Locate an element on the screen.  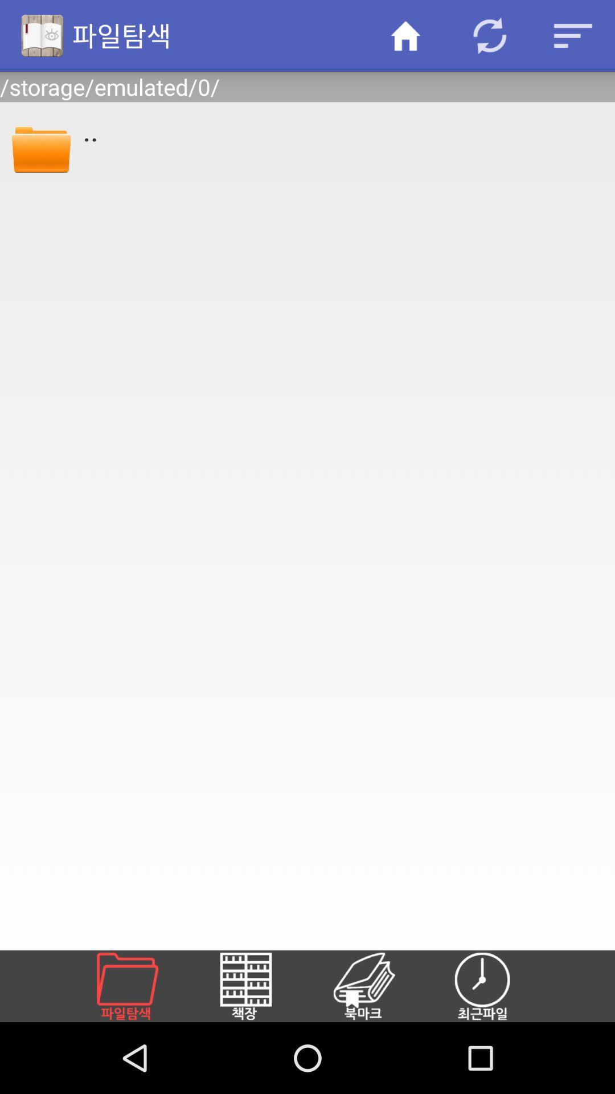
the icon below .. item is located at coordinates (378, 986).